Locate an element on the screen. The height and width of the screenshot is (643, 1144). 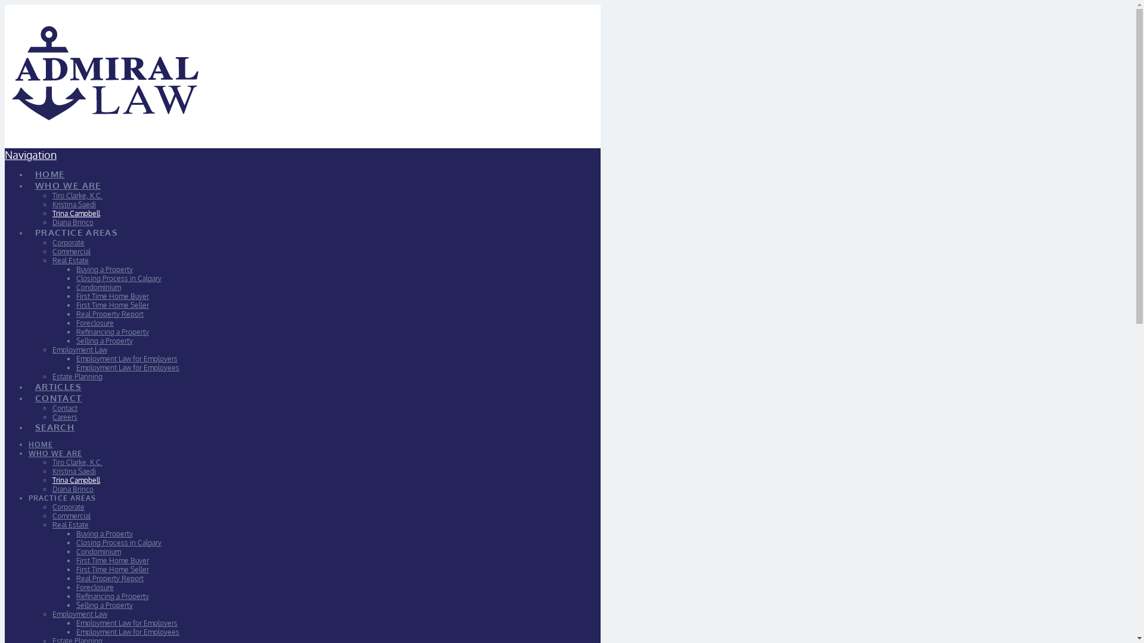
'Real Property Report' is located at coordinates (110, 578).